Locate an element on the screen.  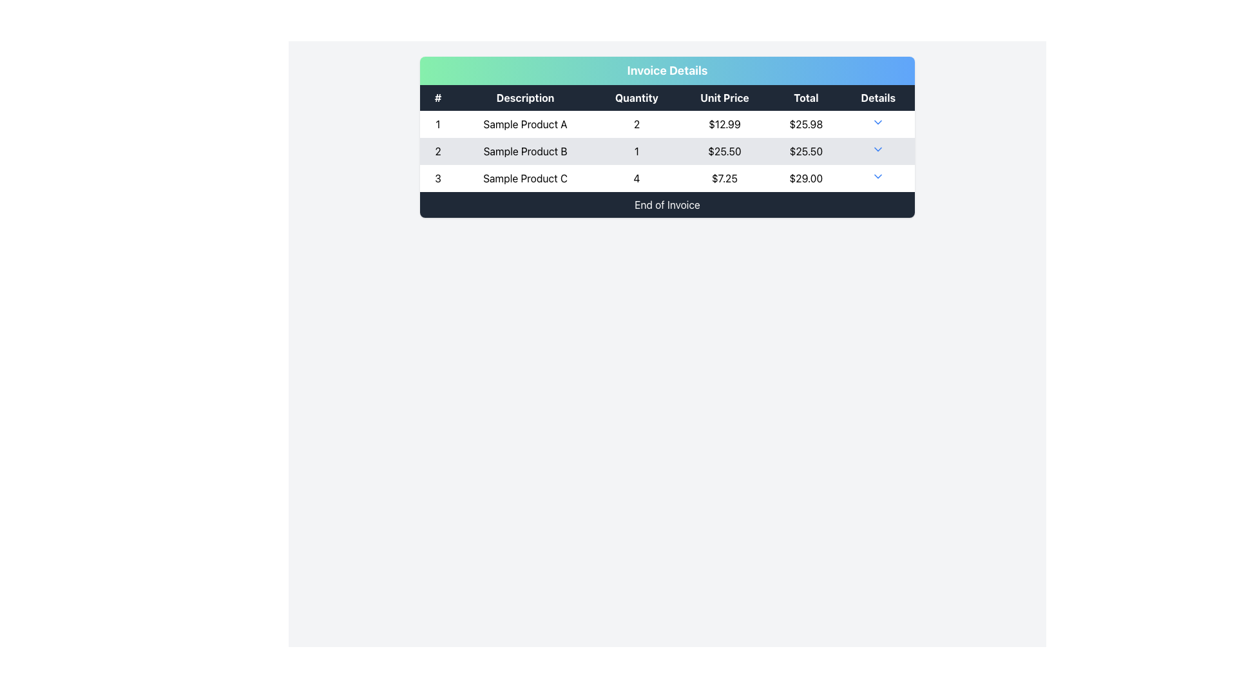
the static text displaying '$7.25' in the 'Unit Price' column of the third row for 'Sample Product C' is located at coordinates (724, 179).